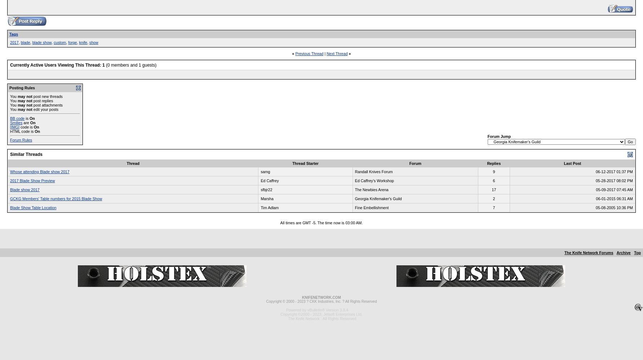 The image size is (643, 360). What do you see at coordinates (130, 65) in the screenshot?
I see `'(0 members and 1 guests)'` at bounding box center [130, 65].